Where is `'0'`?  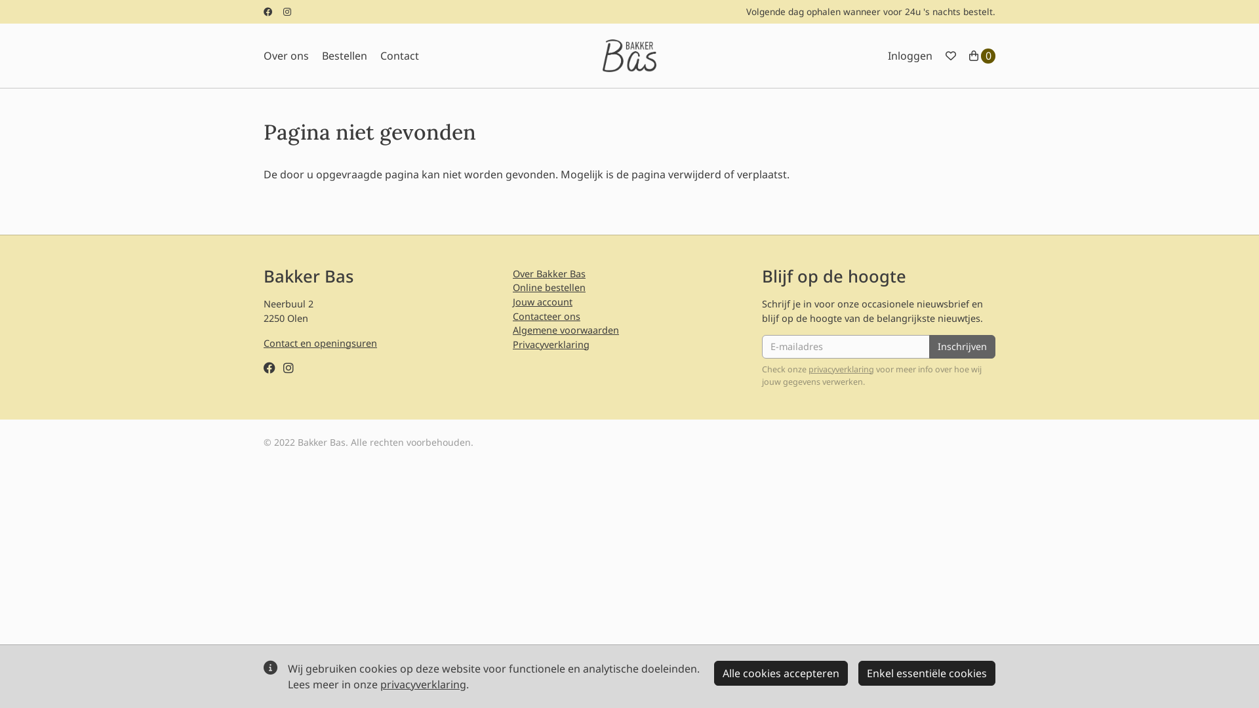 '0' is located at coordinates (969, 54).